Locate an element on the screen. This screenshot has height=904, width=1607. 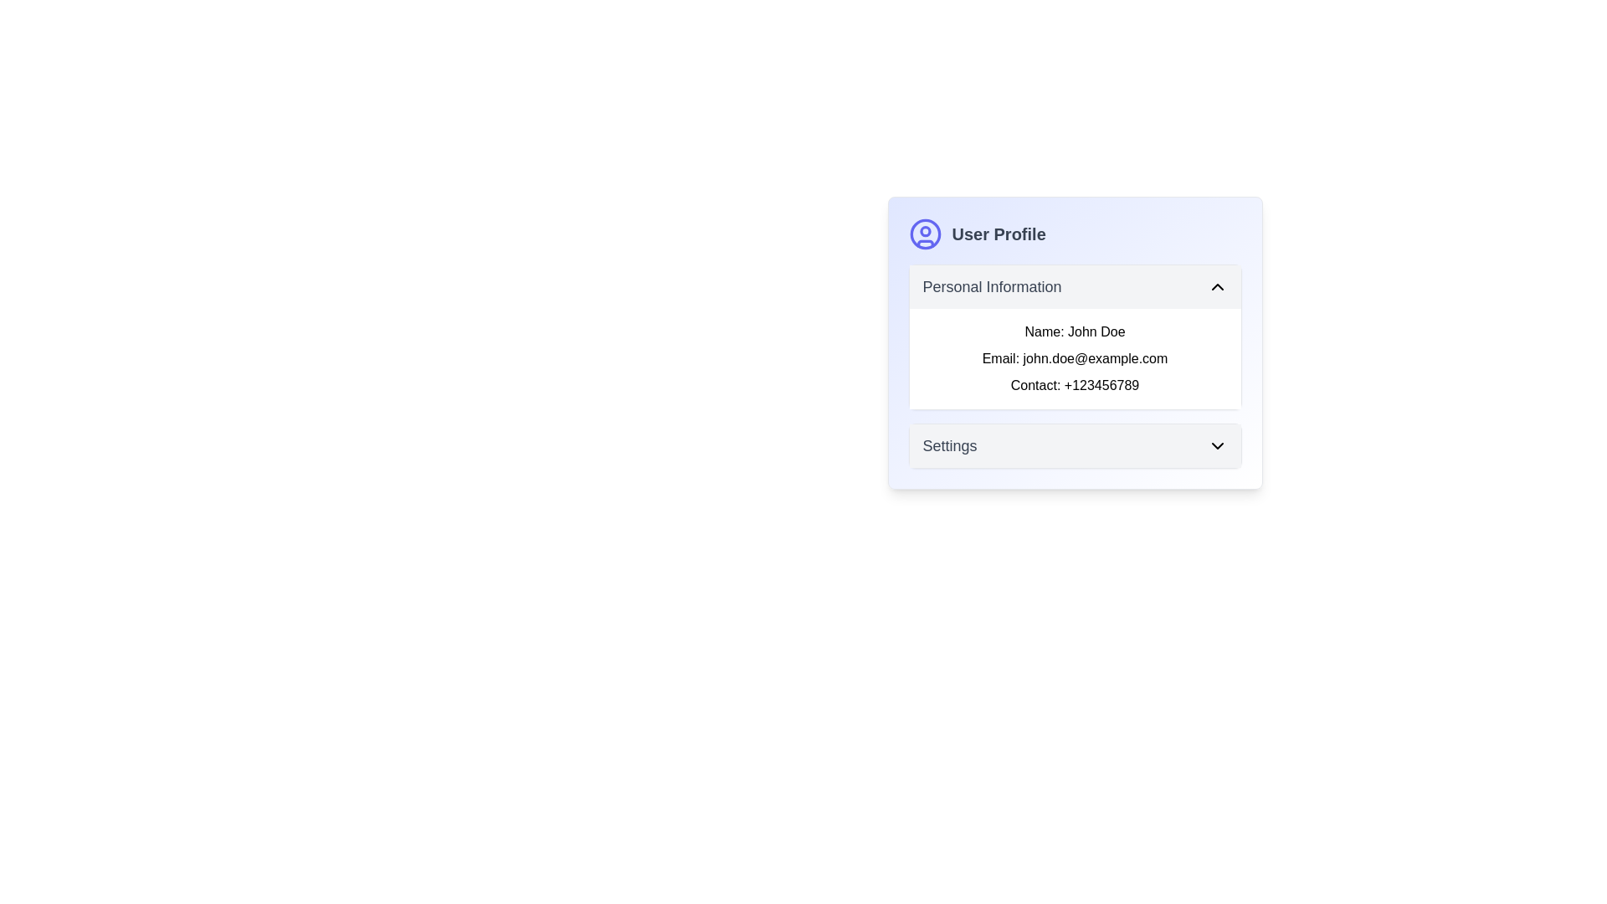
text label indicating 'Personal Information' located in the 'User Profile' section, positioned left of the collapsible toggle icon is located at coordinates (992, 286).